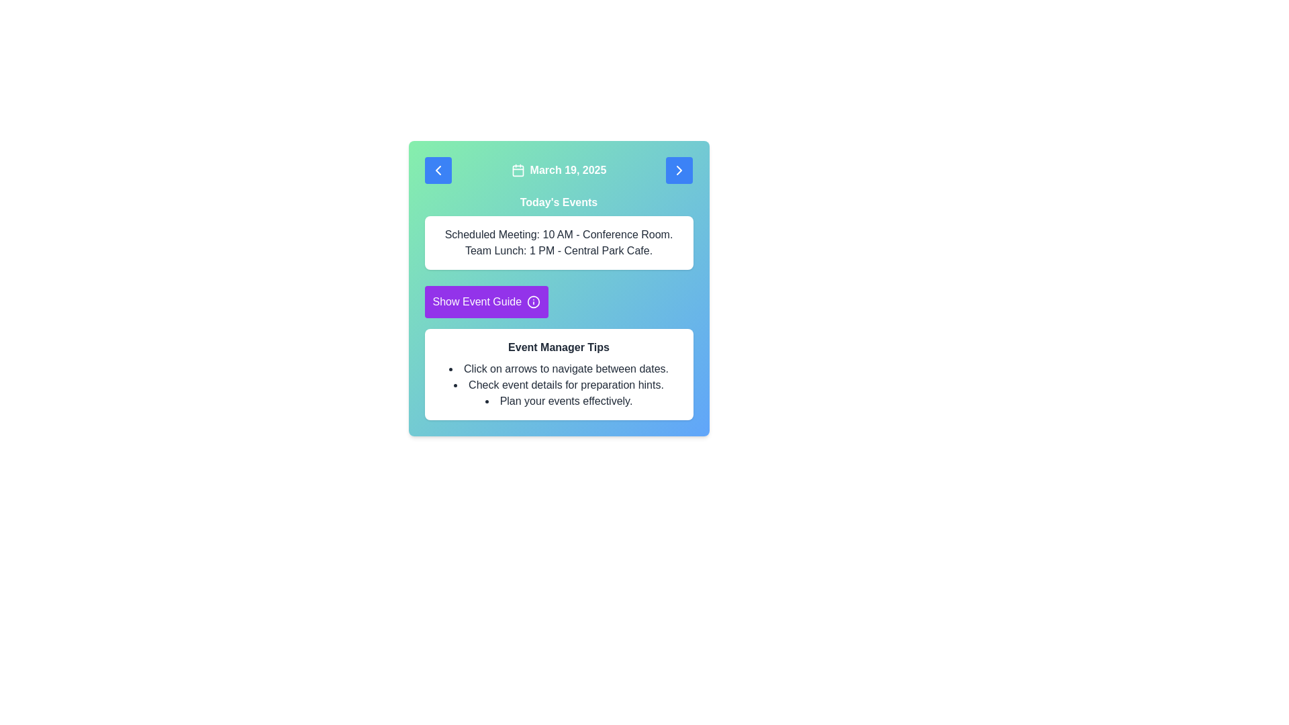 This screenshot has width=1289, height=725. What do you see at coordinates (559, 385) in the screenshot?
I see `the second list item in the 'Event Manager Tips' section, which is a text label with a bullet point` at bounding box center [559, 385].